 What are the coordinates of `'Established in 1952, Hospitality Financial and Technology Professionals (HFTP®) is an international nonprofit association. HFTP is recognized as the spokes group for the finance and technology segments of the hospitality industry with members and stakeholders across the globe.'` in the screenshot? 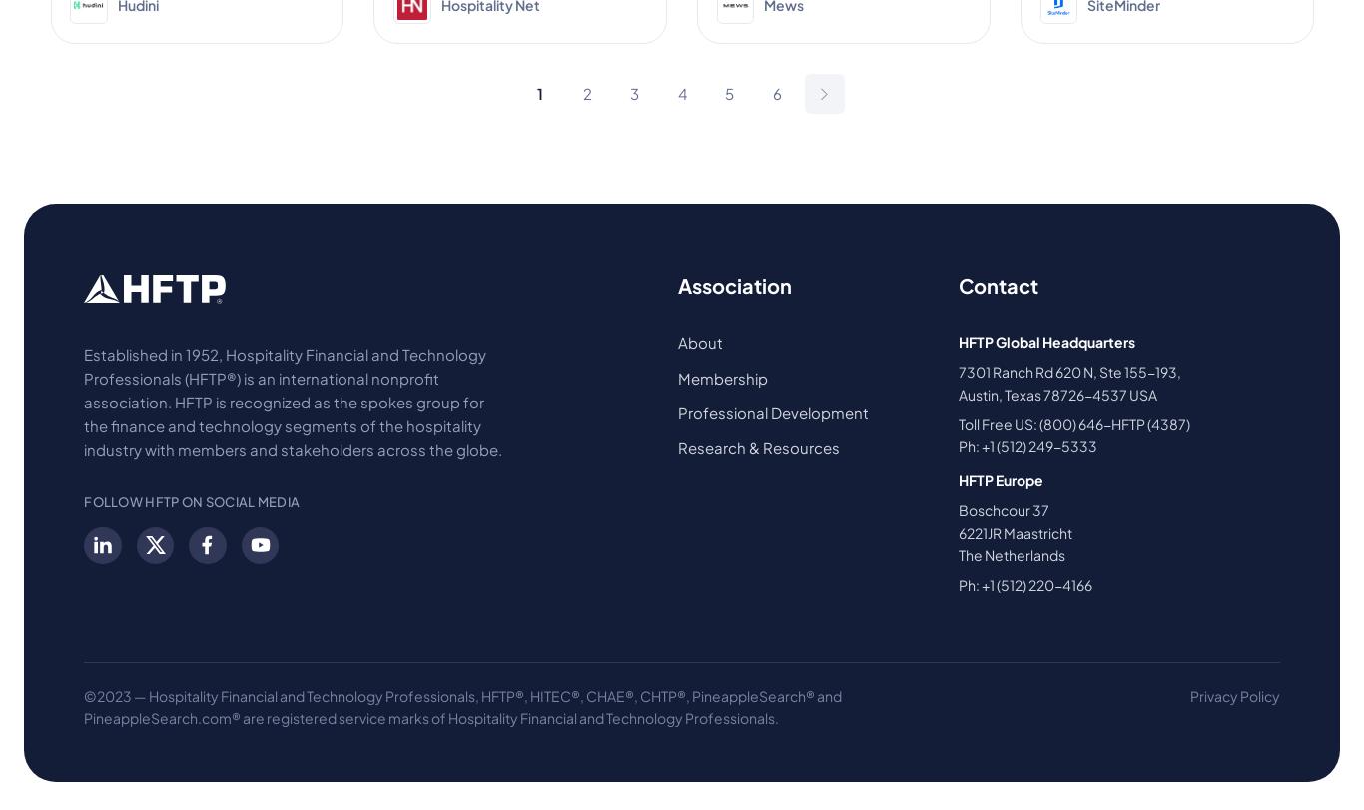 It's located at (293, 401).